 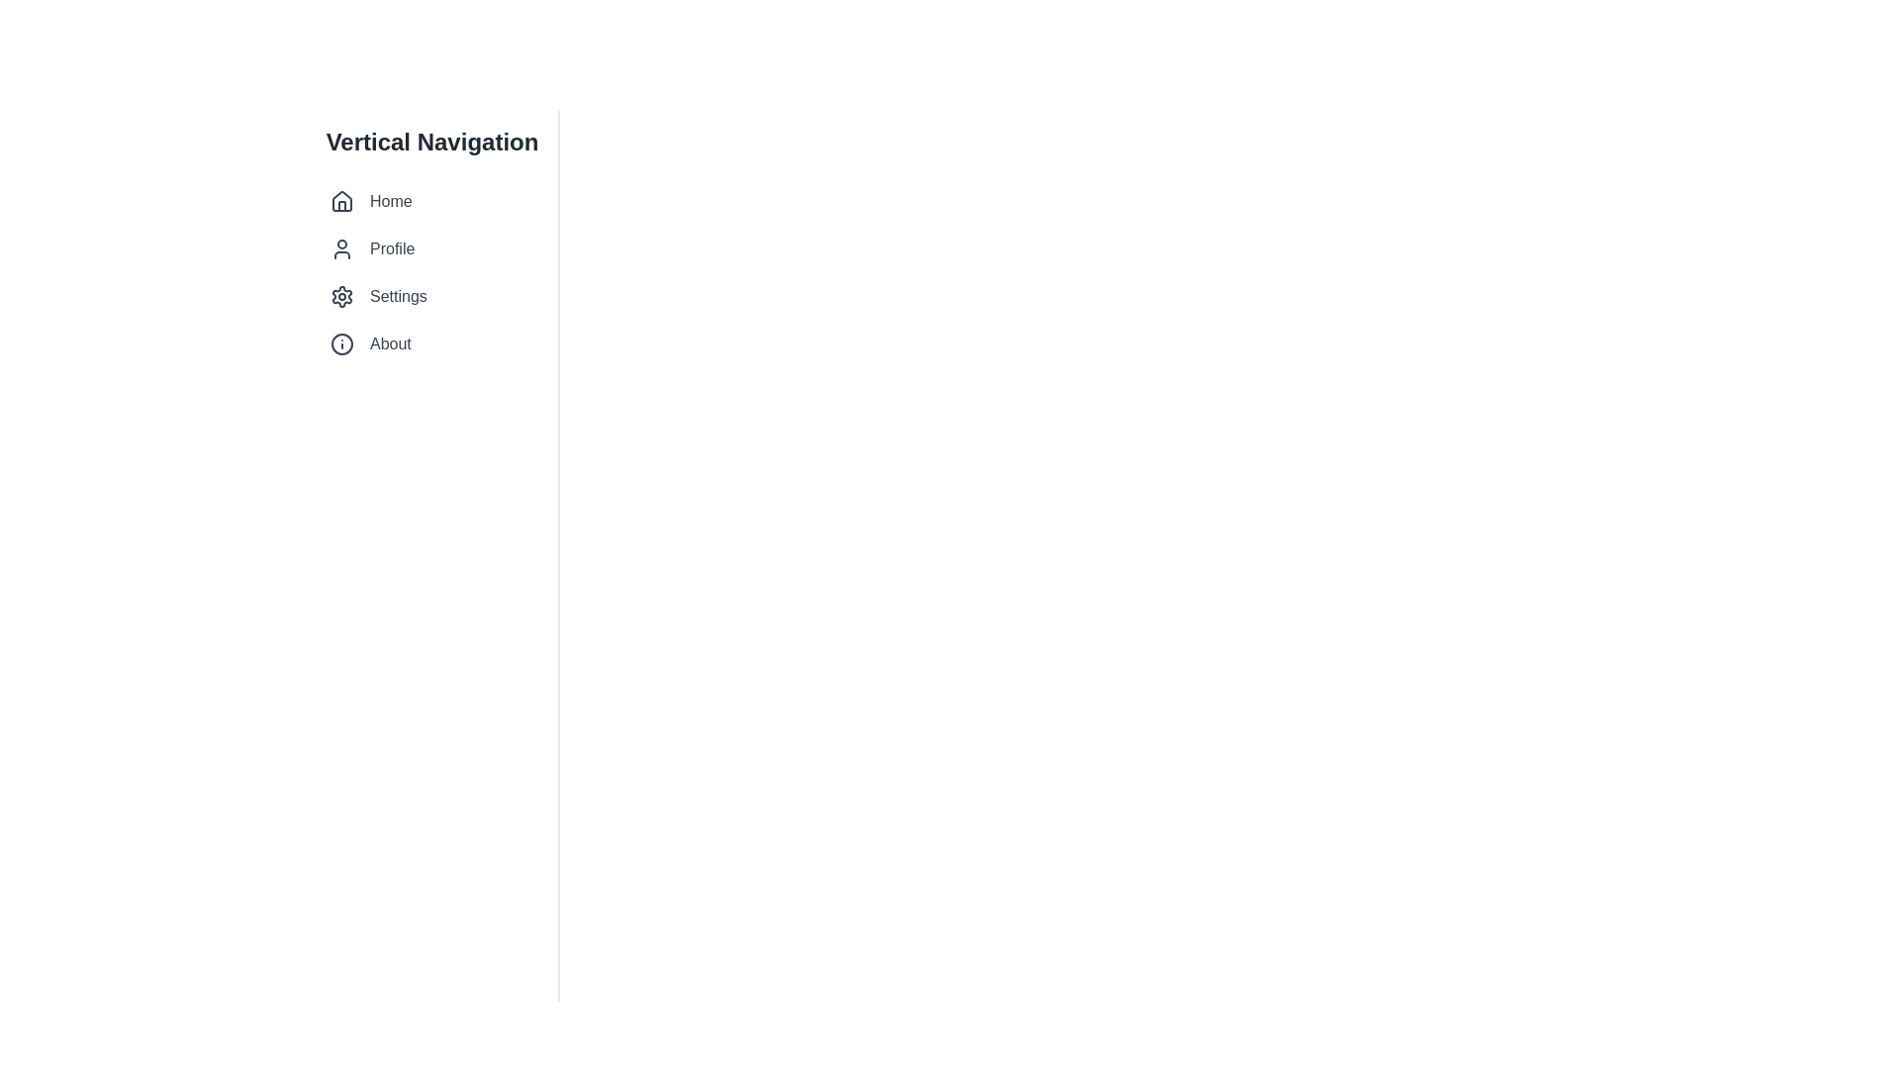 I want to click on the text label that reads 'Vertical Navigation', which is styled with large, bold text in dark gray, located at the top of the vertical navigation sidebar, so click(x=430, y=141).